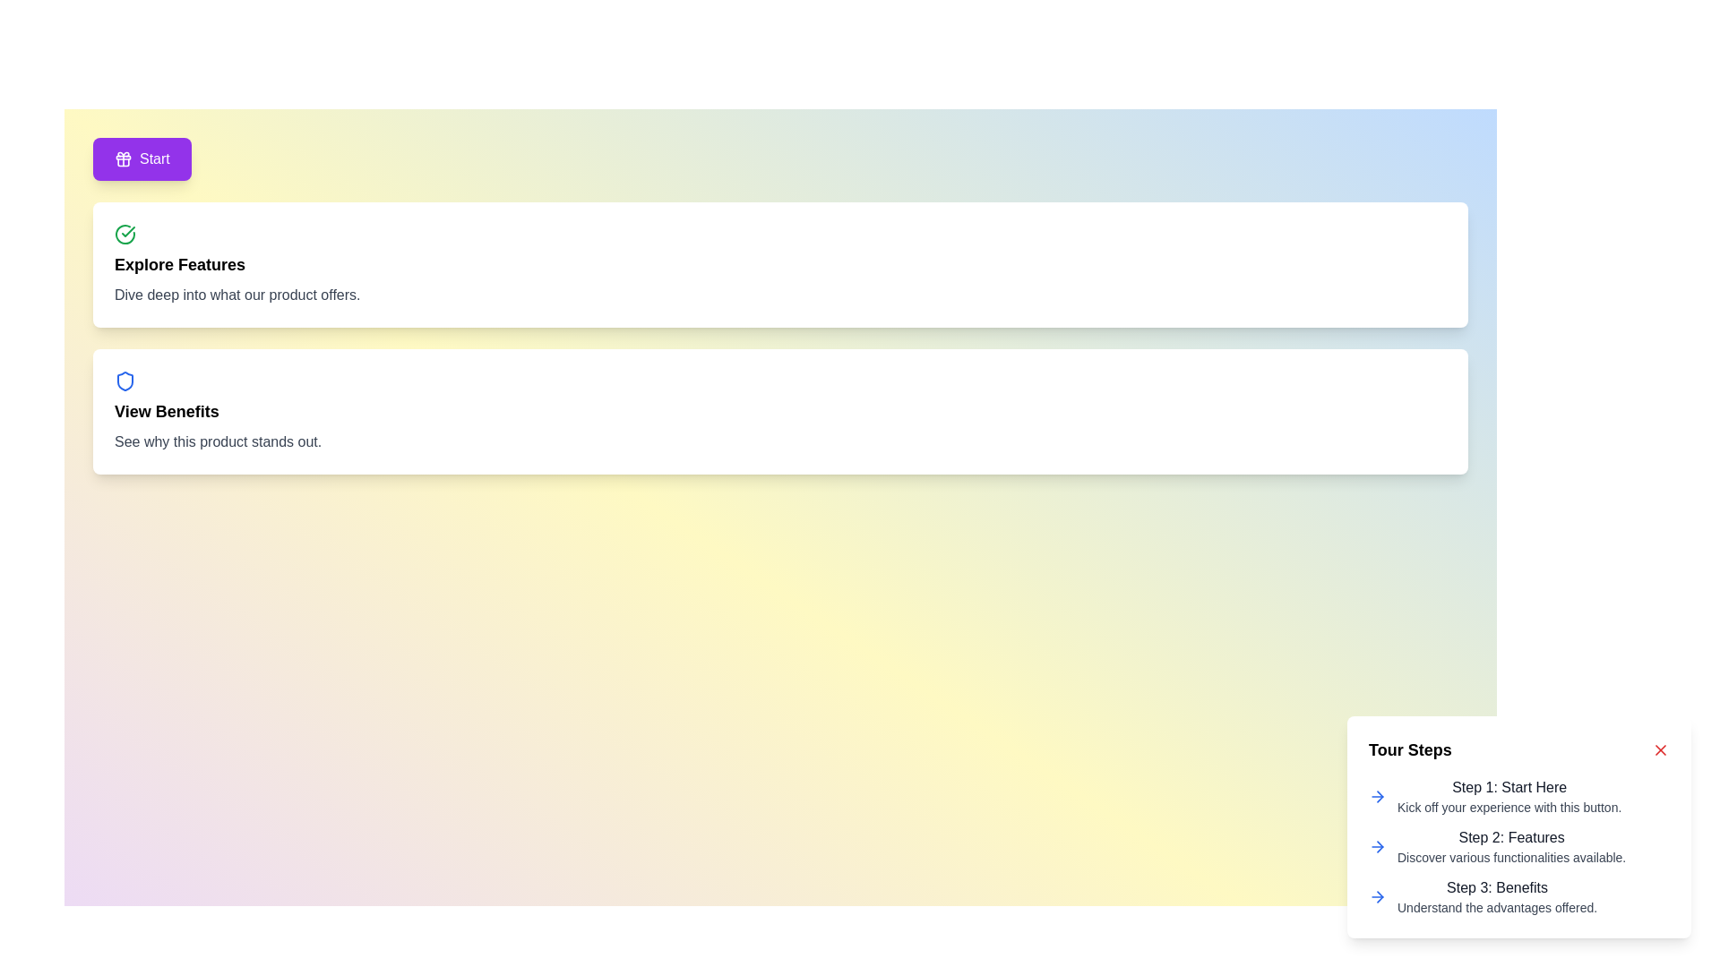 The height and width of the screenshot is (967, 1720). I want to click on text label displaying 'Understand the advantages offered.' which is located below the title 'Step 3: Benefits' in the step-by-step guide section, so click(1497, 908).